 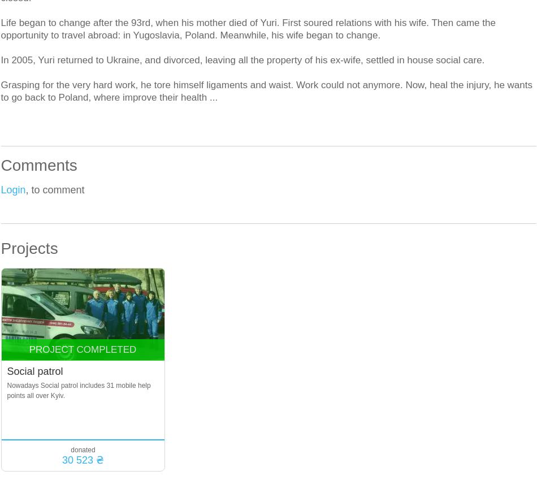 I want to click on ', to comment', so click(x=25, y=190).